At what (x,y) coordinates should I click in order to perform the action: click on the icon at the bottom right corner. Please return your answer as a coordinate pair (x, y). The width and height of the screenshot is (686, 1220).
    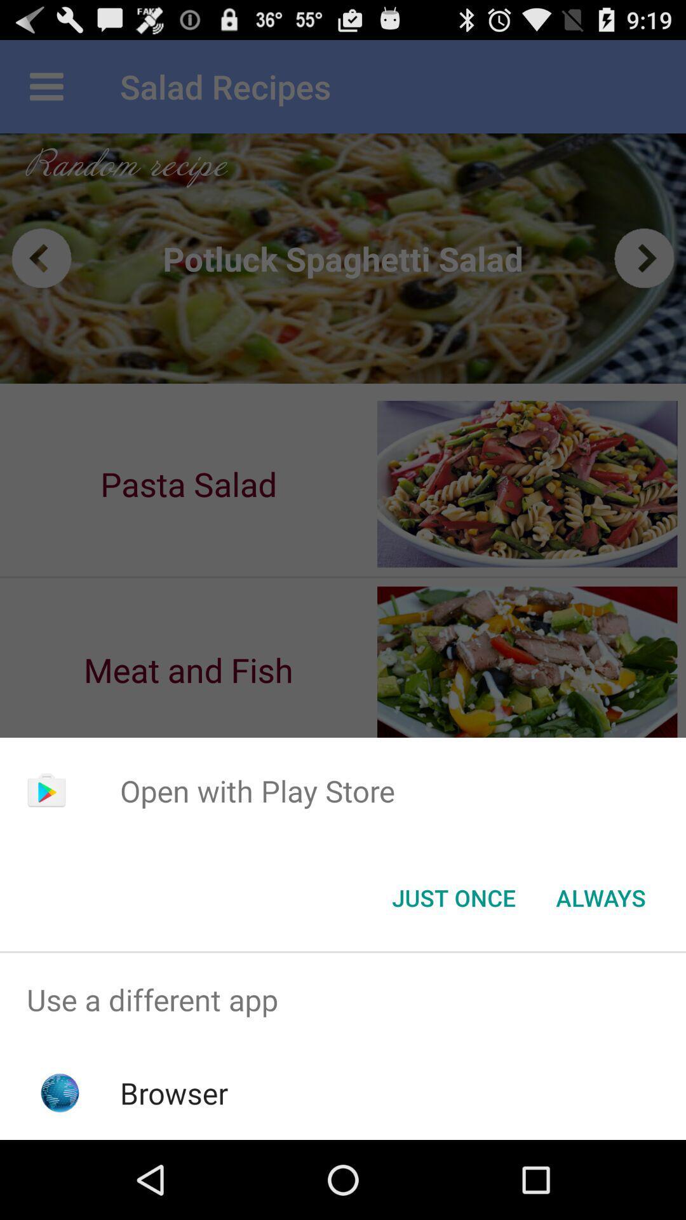
    Looking at the image, I should click on (600, 897).